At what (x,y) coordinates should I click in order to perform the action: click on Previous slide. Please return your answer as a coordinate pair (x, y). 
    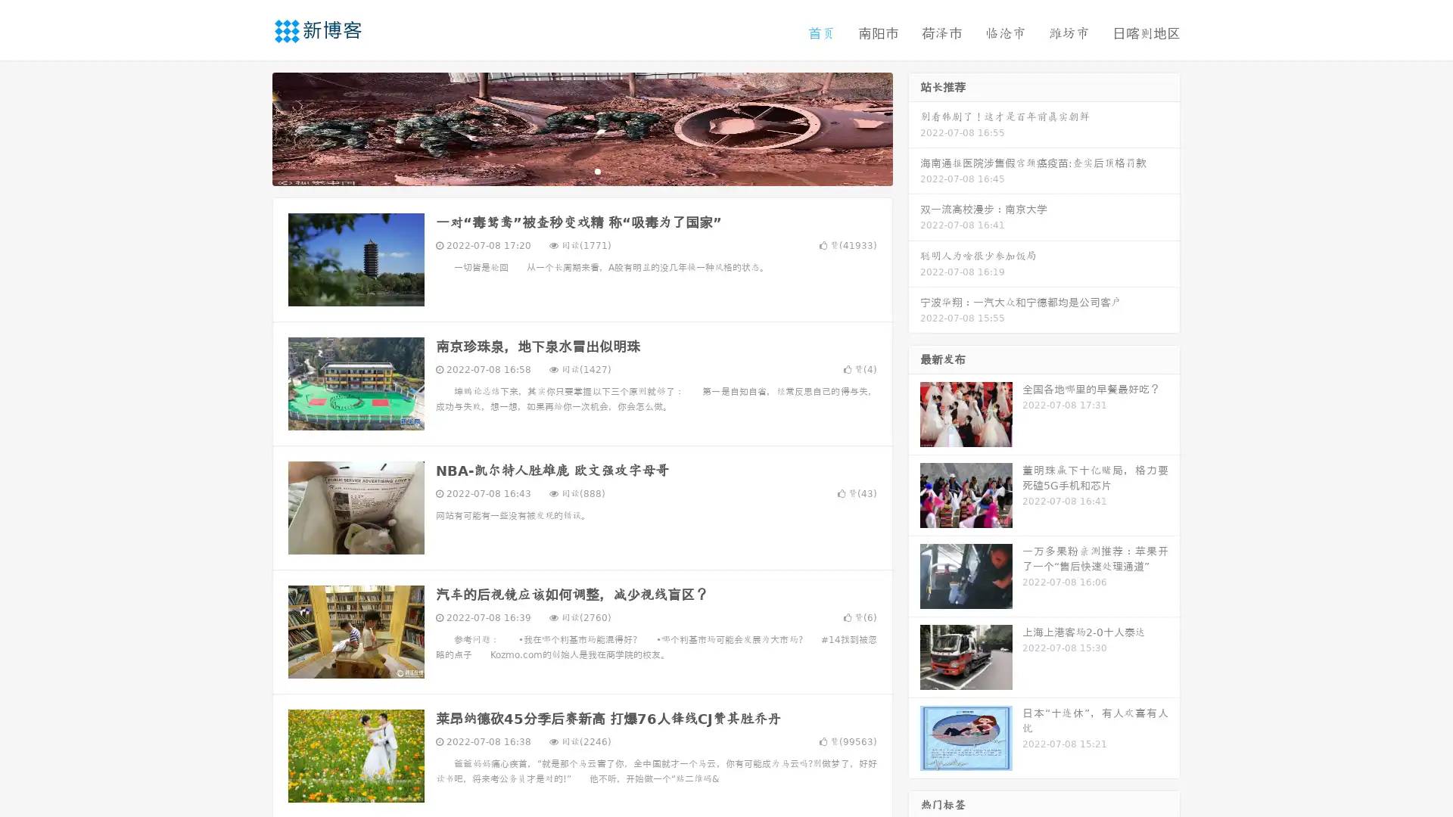
    Looking at the image, I should click on (250, 127).